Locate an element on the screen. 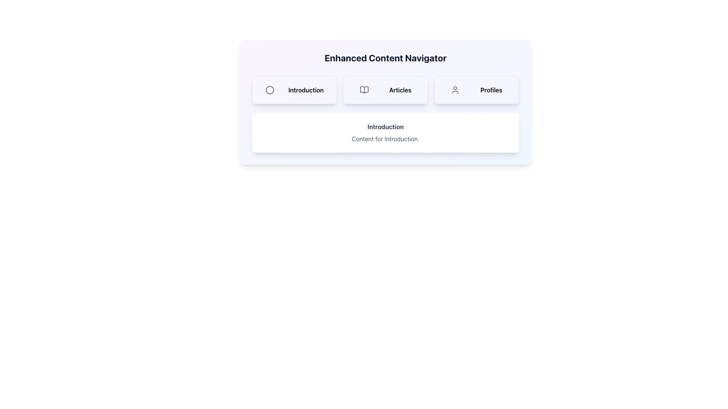  the keyboard navigation on the 'Articles' clickable navigation panel is located at coordinates (386, 90).